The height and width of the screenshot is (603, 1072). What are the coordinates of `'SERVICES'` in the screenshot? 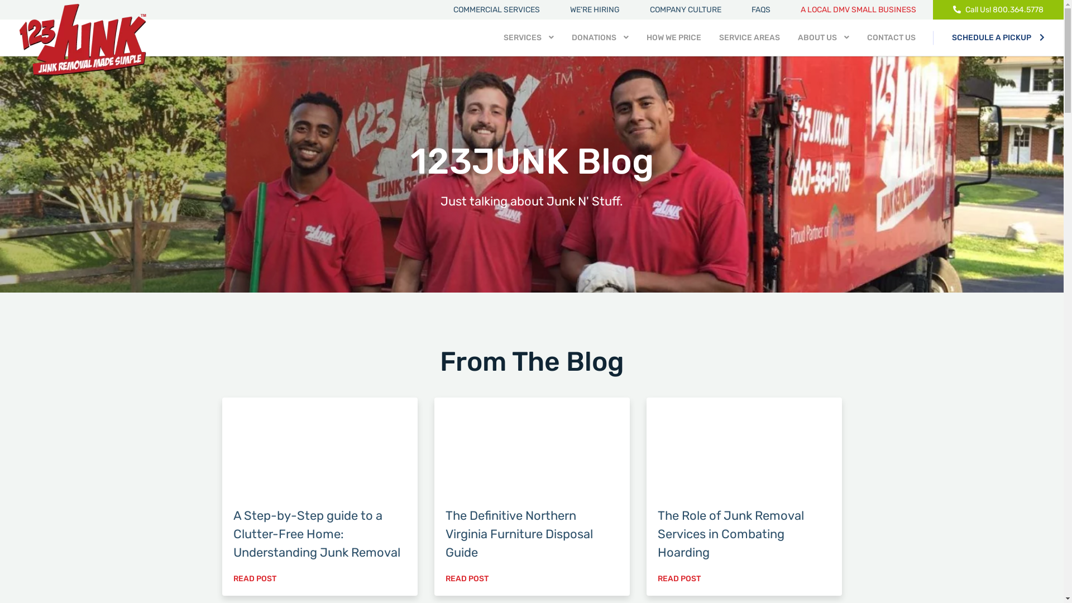 It's located at (528, 37).